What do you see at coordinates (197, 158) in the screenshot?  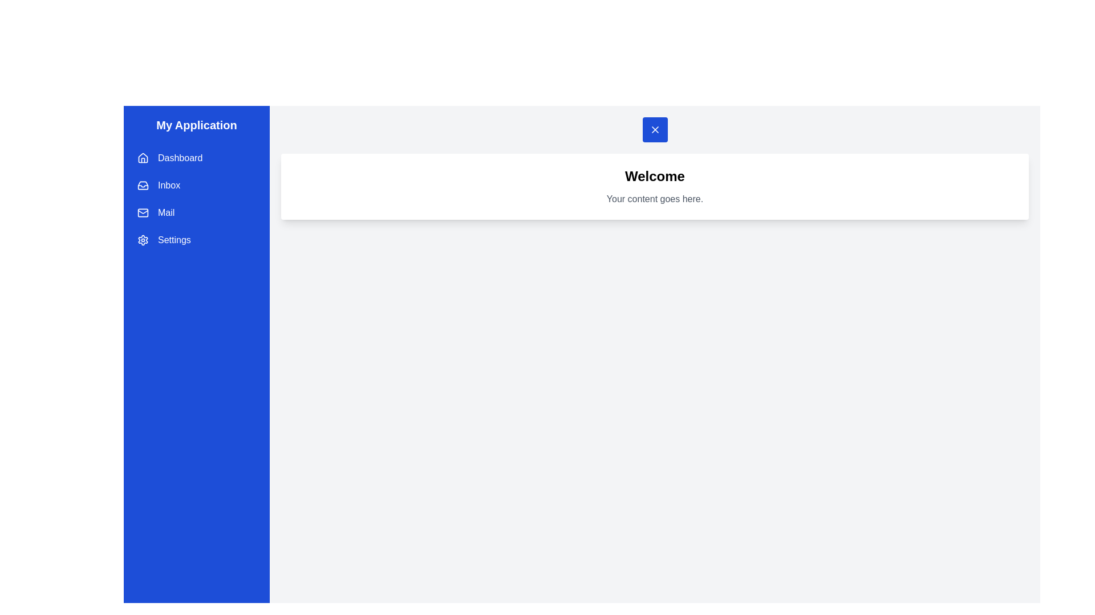 I see `the drawer menu item labeled Dashboard` at bounding box center [197, 158].